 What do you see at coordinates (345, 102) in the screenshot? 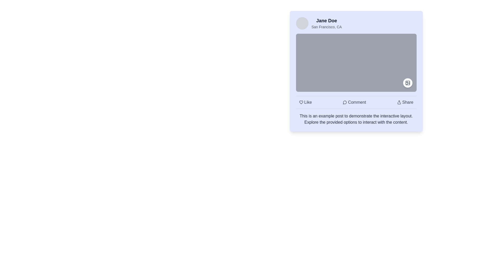
I see `the SVG graphic of the speech bubble icon representing the 'Comment' action` at bounding box center [345, 102].